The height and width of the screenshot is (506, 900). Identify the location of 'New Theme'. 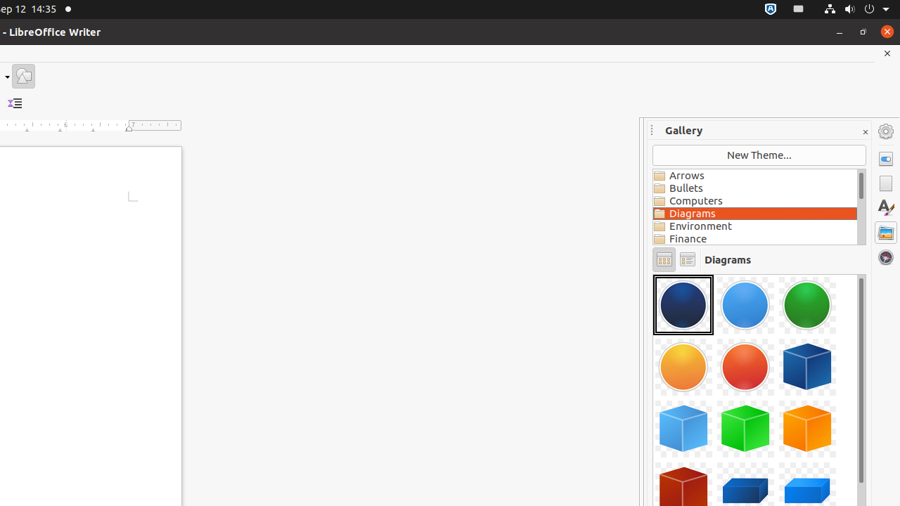
(759, 155).